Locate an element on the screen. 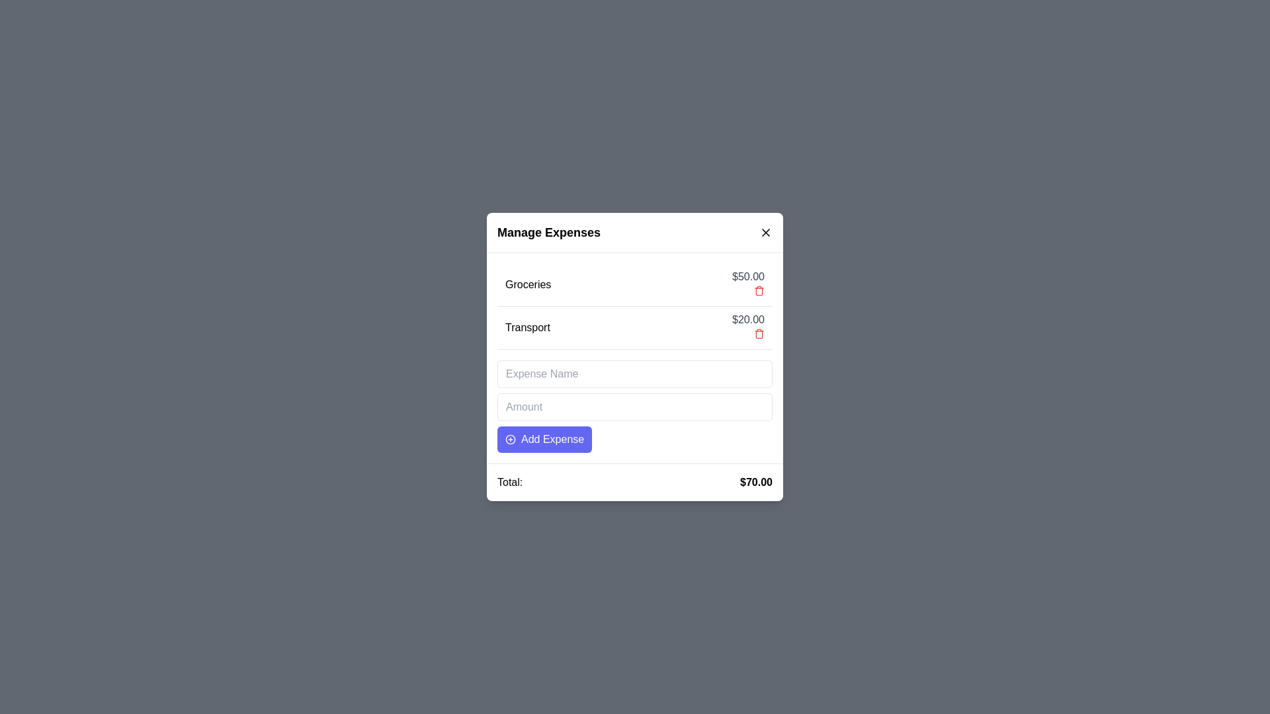  the SVG icon representing a circle with a plus symbol inside, which is positioned to the far left of the 'Add Expense' button is located at coordinates (510, 439).